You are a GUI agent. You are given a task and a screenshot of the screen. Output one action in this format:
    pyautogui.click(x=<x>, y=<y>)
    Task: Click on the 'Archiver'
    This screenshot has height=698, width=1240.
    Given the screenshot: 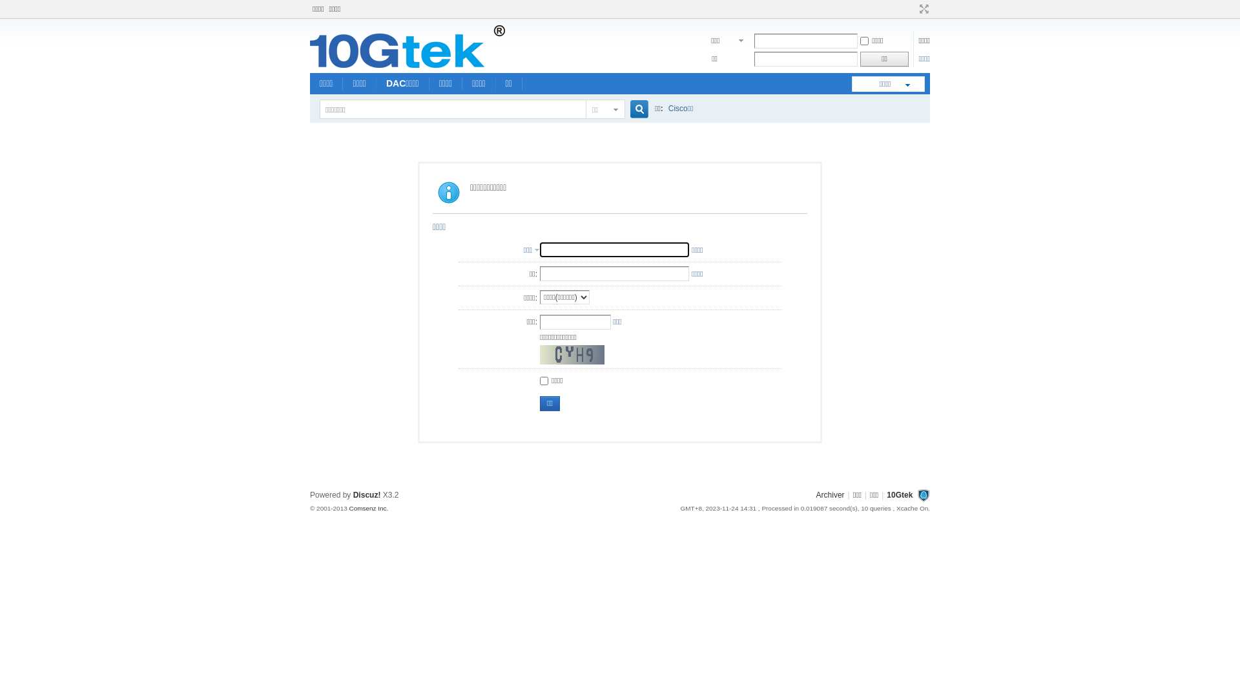 What is the action you would take?
    pyautogui.click(x=831, y=494)
    